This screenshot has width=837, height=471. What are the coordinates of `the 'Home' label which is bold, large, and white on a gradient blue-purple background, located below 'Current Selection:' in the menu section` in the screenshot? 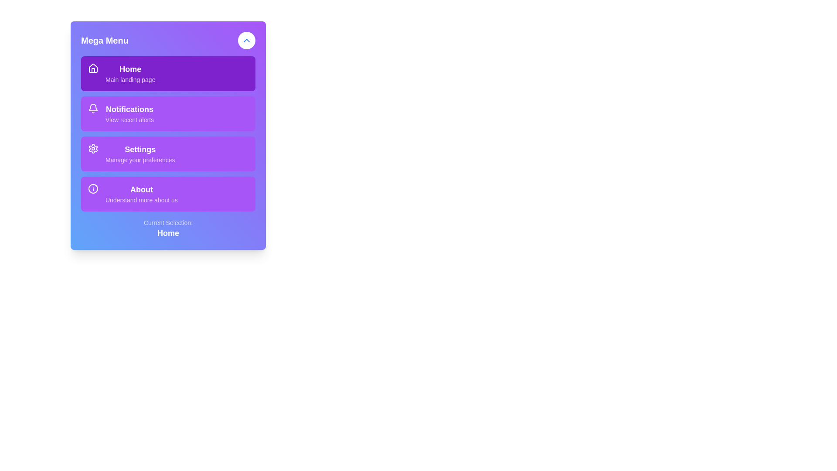 It's located at (168, 233).